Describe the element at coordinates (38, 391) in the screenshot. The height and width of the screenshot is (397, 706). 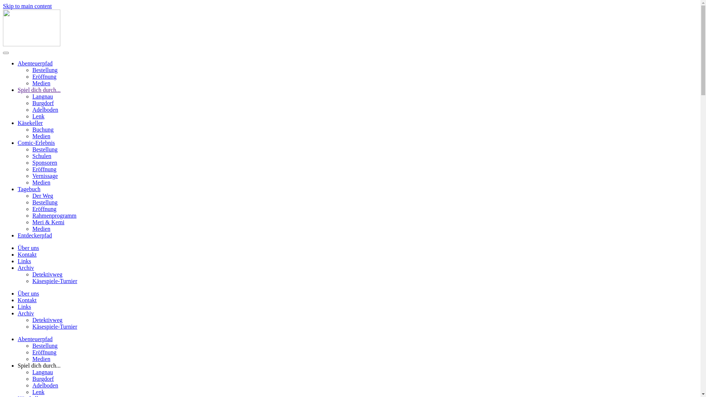
I see `'Lenk'` at that location.